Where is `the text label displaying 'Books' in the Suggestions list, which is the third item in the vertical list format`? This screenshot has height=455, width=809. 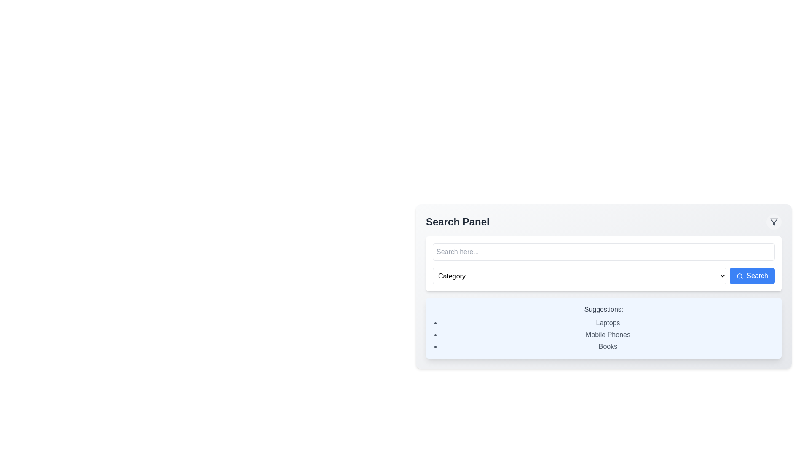
the text label displaying 'Books' in the Suggestions list, which is the third item in the vertical list format is located at coordinates (608, 346).